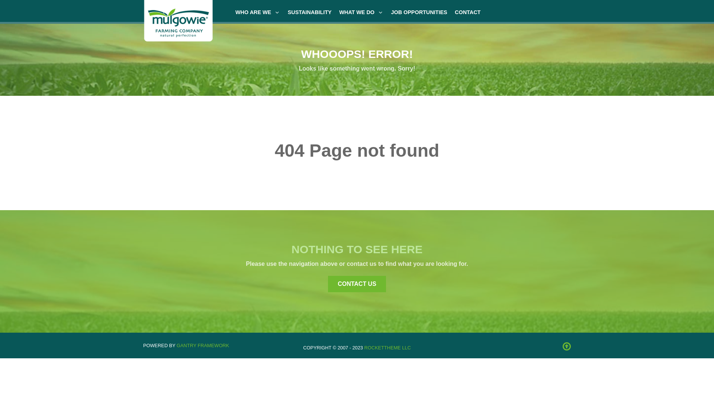  Describe the element at coordinates (364, 348) in the screenshot. I see `'ROCKETTHEME LLC'` at that location.